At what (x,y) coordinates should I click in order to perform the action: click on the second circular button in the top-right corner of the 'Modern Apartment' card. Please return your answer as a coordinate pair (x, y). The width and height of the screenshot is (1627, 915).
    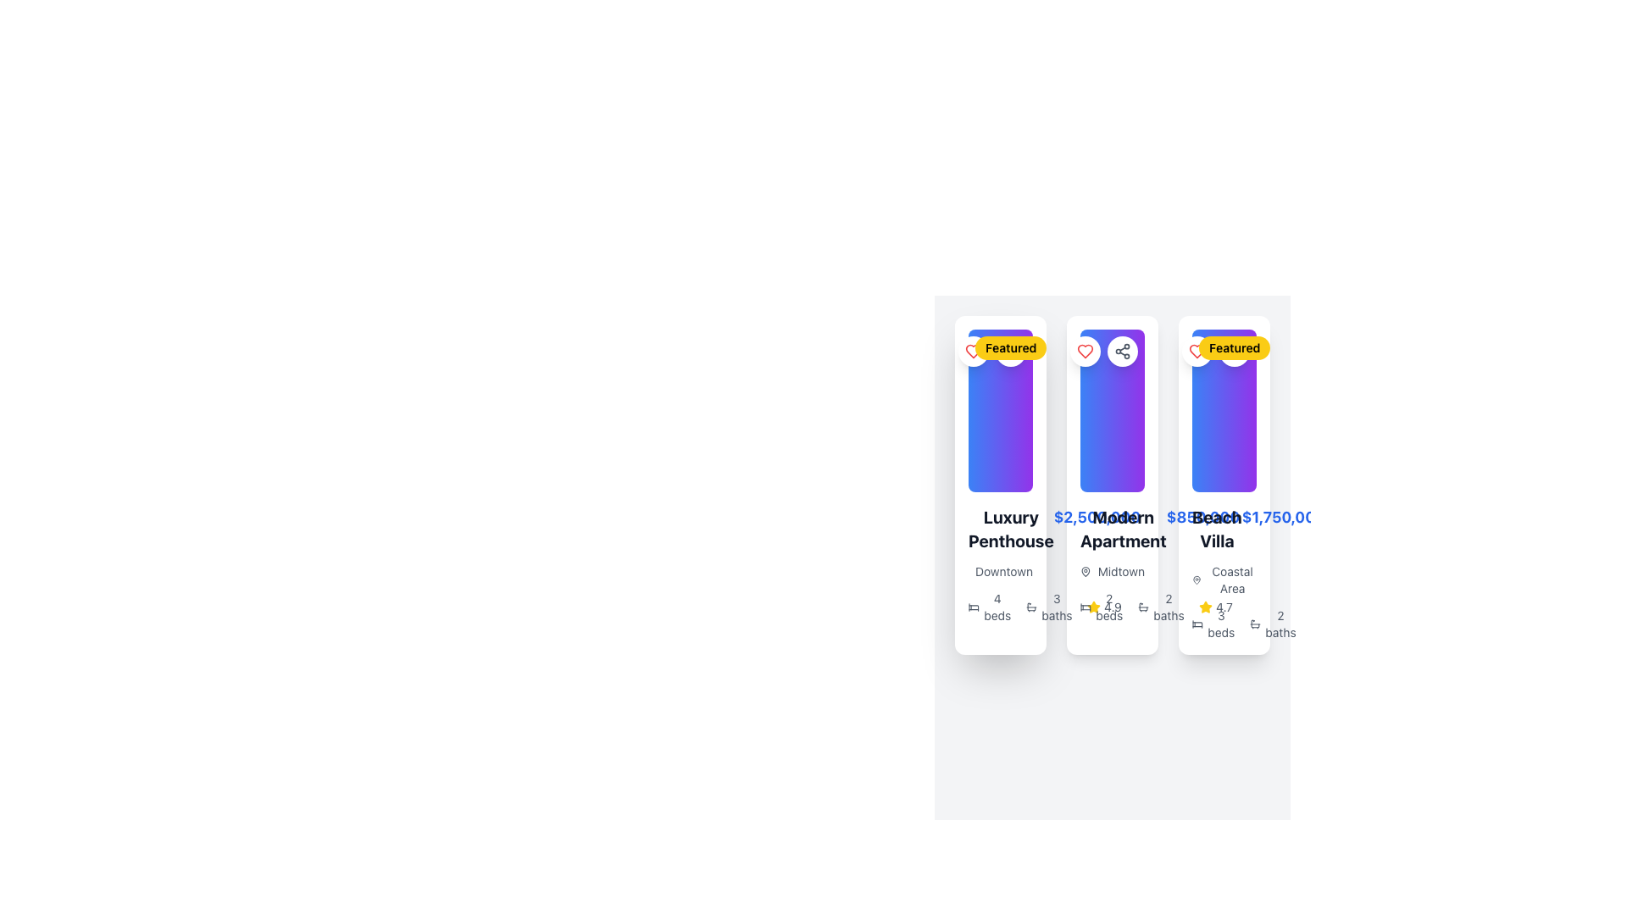
    Looking at the image, I should click on (1122, 351).